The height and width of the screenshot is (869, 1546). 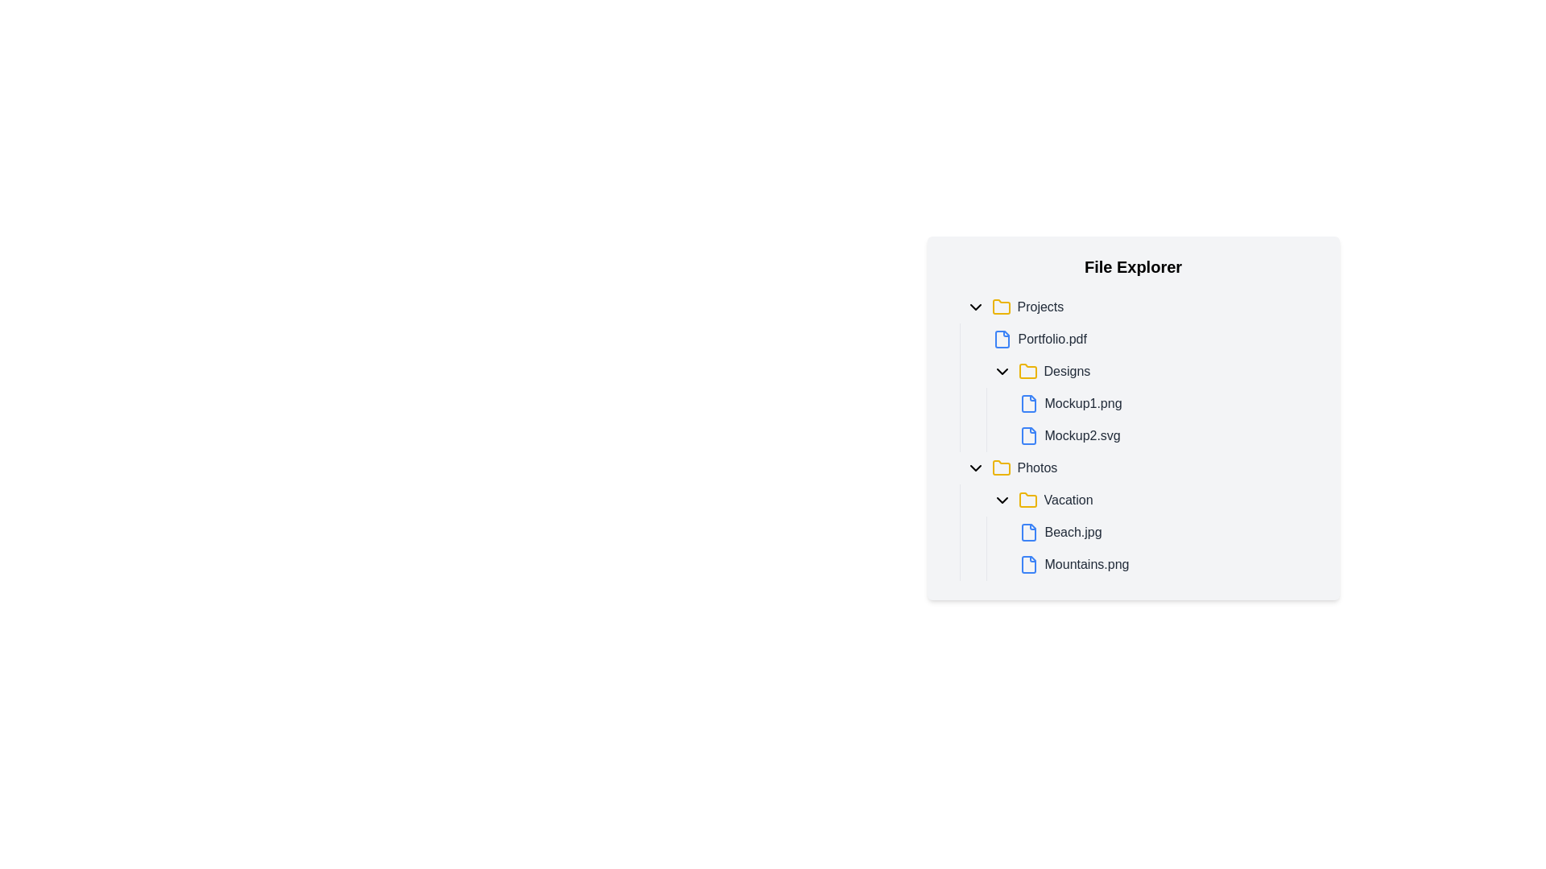 I want to click on the yellow folder icon located to the left of the 'Designs' text label, so click(x=1027, y=372).